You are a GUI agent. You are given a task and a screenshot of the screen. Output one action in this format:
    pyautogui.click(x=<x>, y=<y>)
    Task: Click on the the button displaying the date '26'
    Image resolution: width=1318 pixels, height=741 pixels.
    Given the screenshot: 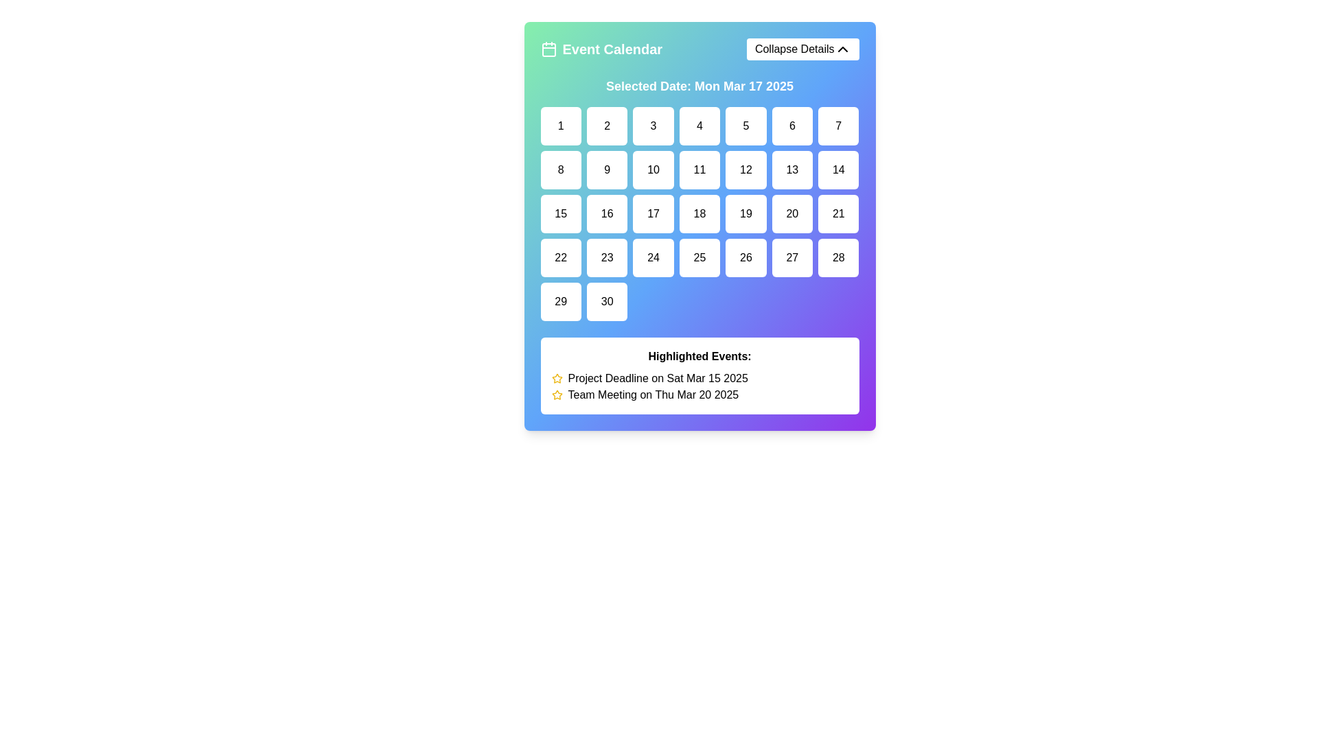 What is the action you would take?
    pyautogui.click(x=745, y=257)
    